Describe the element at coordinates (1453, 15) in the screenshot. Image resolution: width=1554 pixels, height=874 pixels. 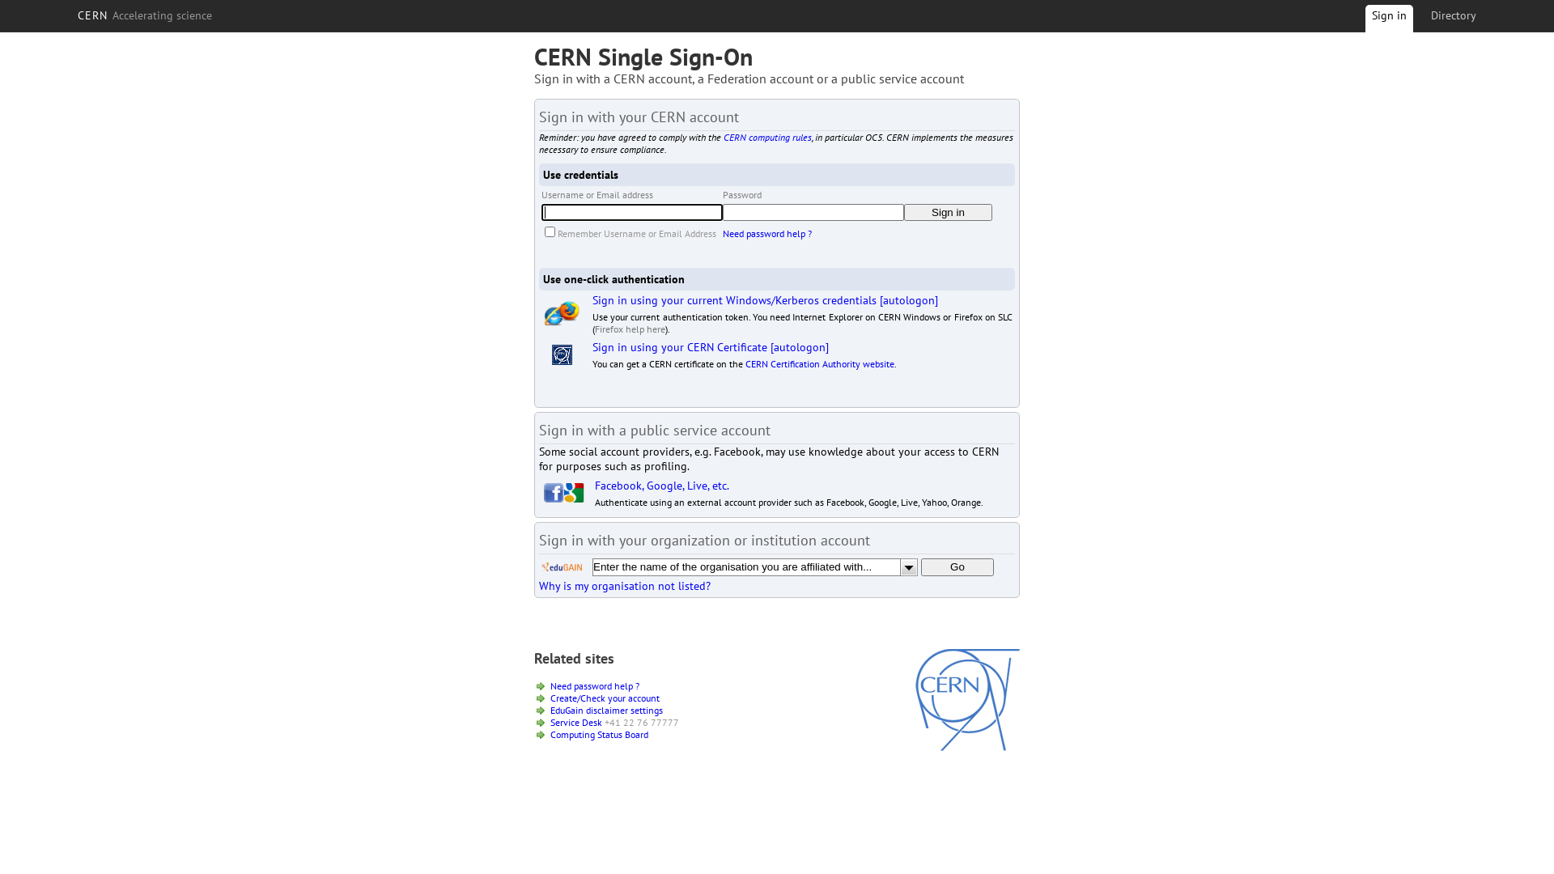
I see `'Directory'` at that location.